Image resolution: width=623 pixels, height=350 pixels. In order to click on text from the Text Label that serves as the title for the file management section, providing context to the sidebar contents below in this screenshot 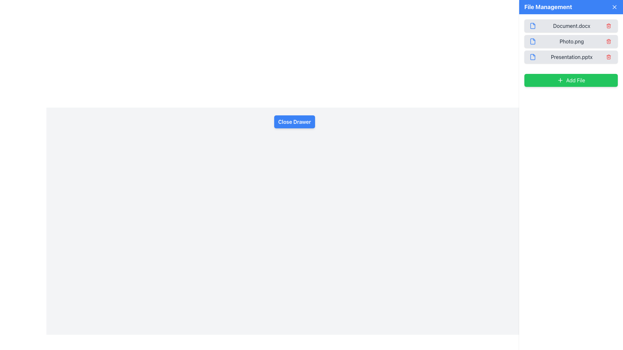, I will do `click(548, 7)`.